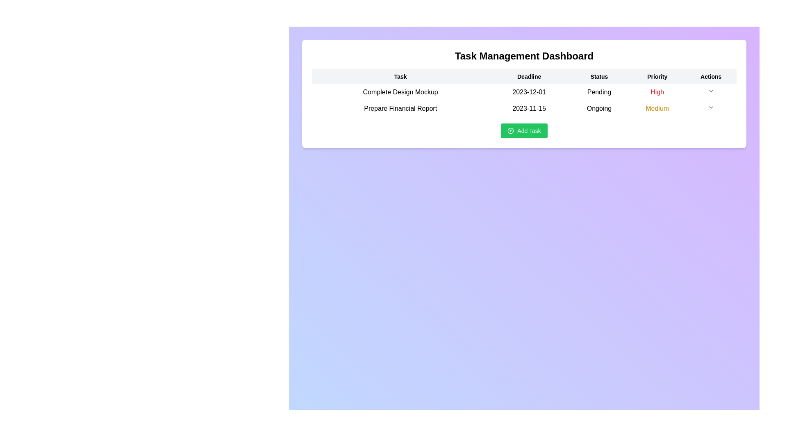  Describe the element at coordinates (657, 92) in the screenshot. I see `the text label displaying 'High' in red color under the 'Priority' column of the task management table` at that location.